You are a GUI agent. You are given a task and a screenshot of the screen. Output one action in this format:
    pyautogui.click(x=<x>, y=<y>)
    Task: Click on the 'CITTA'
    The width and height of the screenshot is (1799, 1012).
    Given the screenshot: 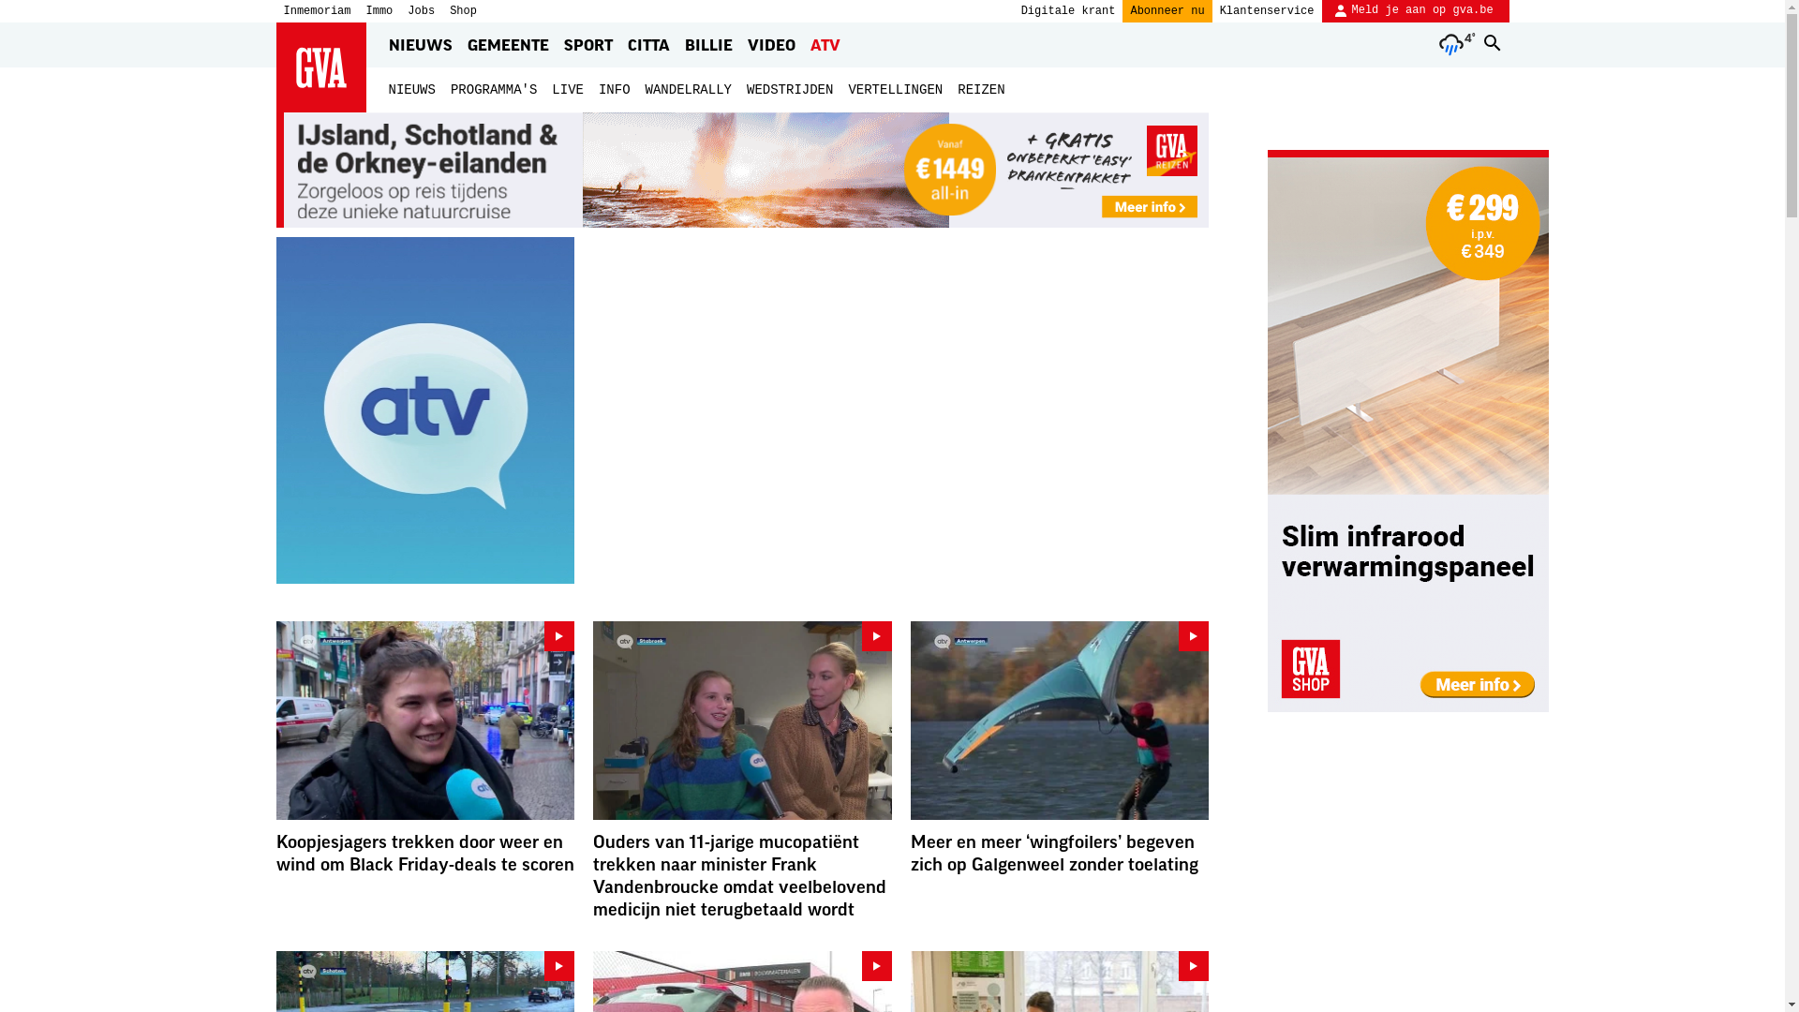 What is the action you would take?
    pyautogui.click(x=648, y=43)
    